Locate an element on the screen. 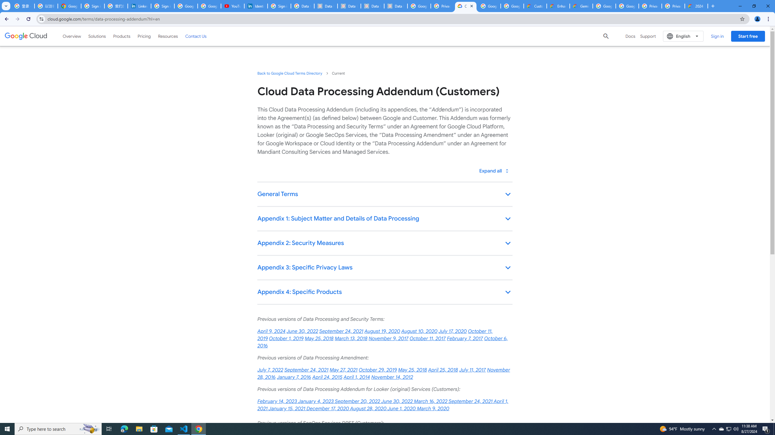 This screenshot has width=775, height=435. 'Enhanced Support | Google Cloud' is located at coordinates (558, 6).